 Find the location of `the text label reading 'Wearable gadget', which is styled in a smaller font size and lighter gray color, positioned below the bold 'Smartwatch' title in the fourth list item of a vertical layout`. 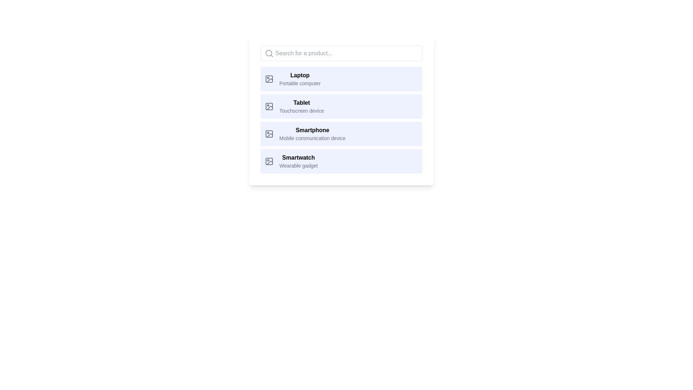

the text label reading 'Wearable gadget', which is styled in a smaller font size and lighter gray color, positioned below the bold 'Smartwatch' title in the fourth list item of a vertical layout is located at coordinates (298, 166).